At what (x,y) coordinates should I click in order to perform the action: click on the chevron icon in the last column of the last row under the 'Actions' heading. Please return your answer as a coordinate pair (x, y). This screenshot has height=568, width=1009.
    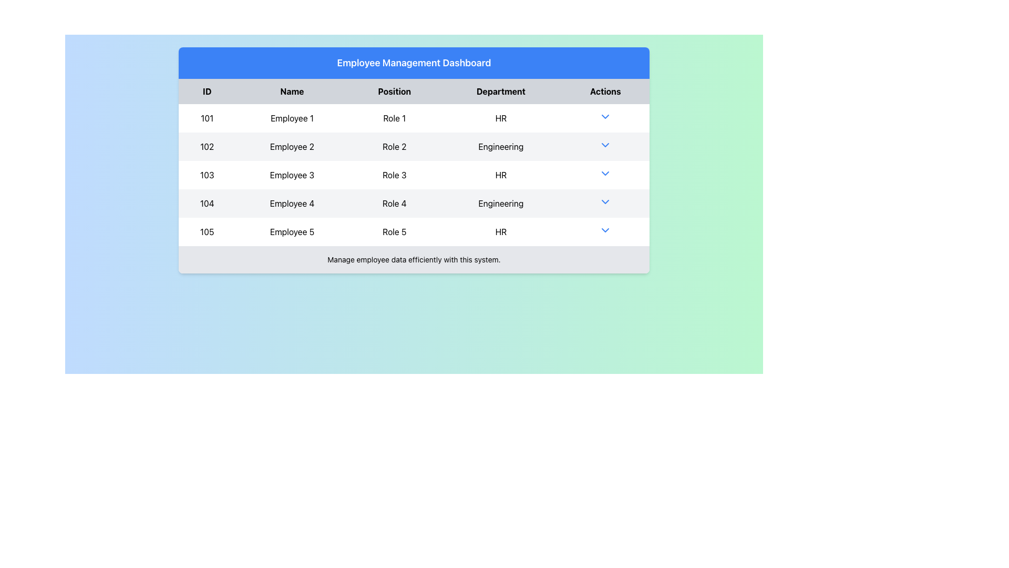
    Looking at the image, I should click on (605, 231).